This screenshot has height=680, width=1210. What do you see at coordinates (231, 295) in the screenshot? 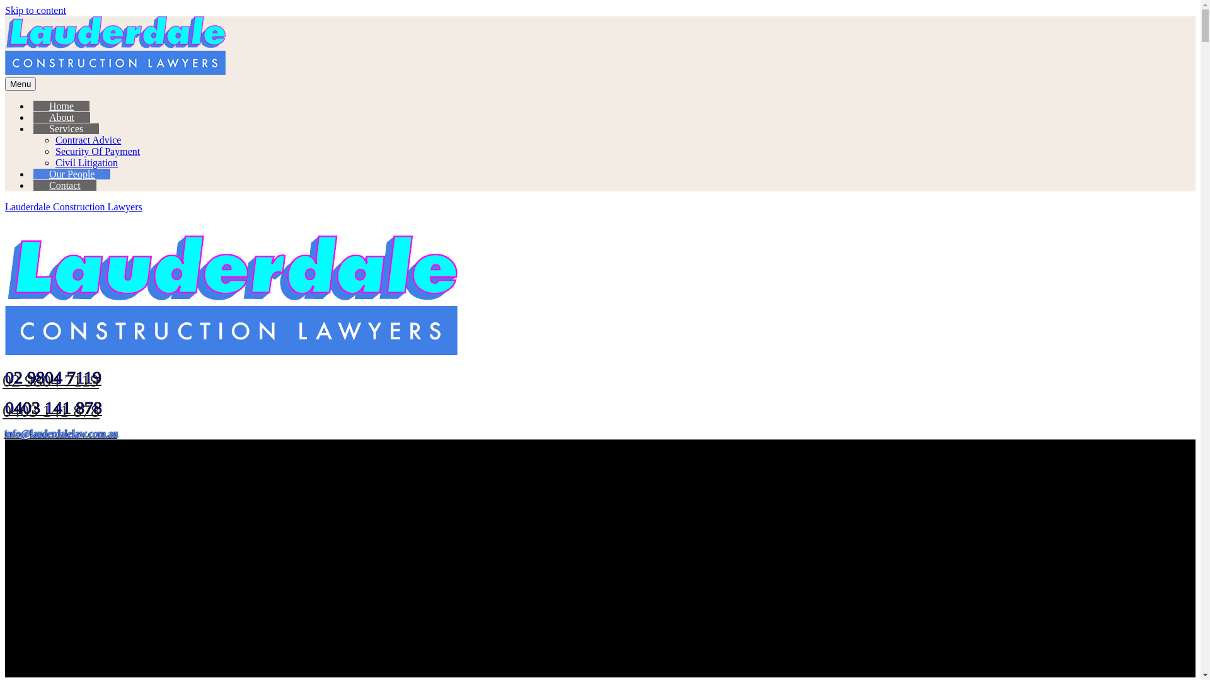
I see `'Lauderdale Construction Lawyers'` at bounding box center [231, 295].